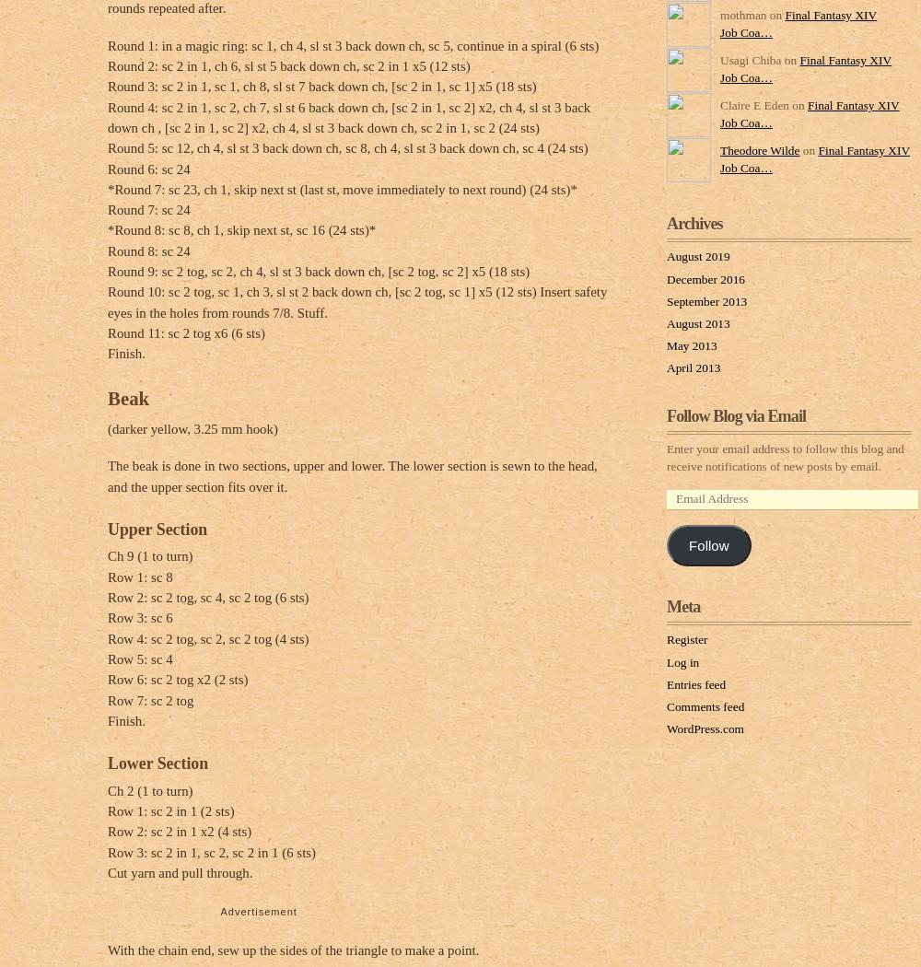 Image resolution: width=921 pixels, height=967 pixels. What do you see at coordinates (352, 475) in the screenshot?
I see `'The beak is done in two sections, upper and lower. The lower section is sewn to the head, and the upper section fits over it.'` at bounding box center [352, 475].